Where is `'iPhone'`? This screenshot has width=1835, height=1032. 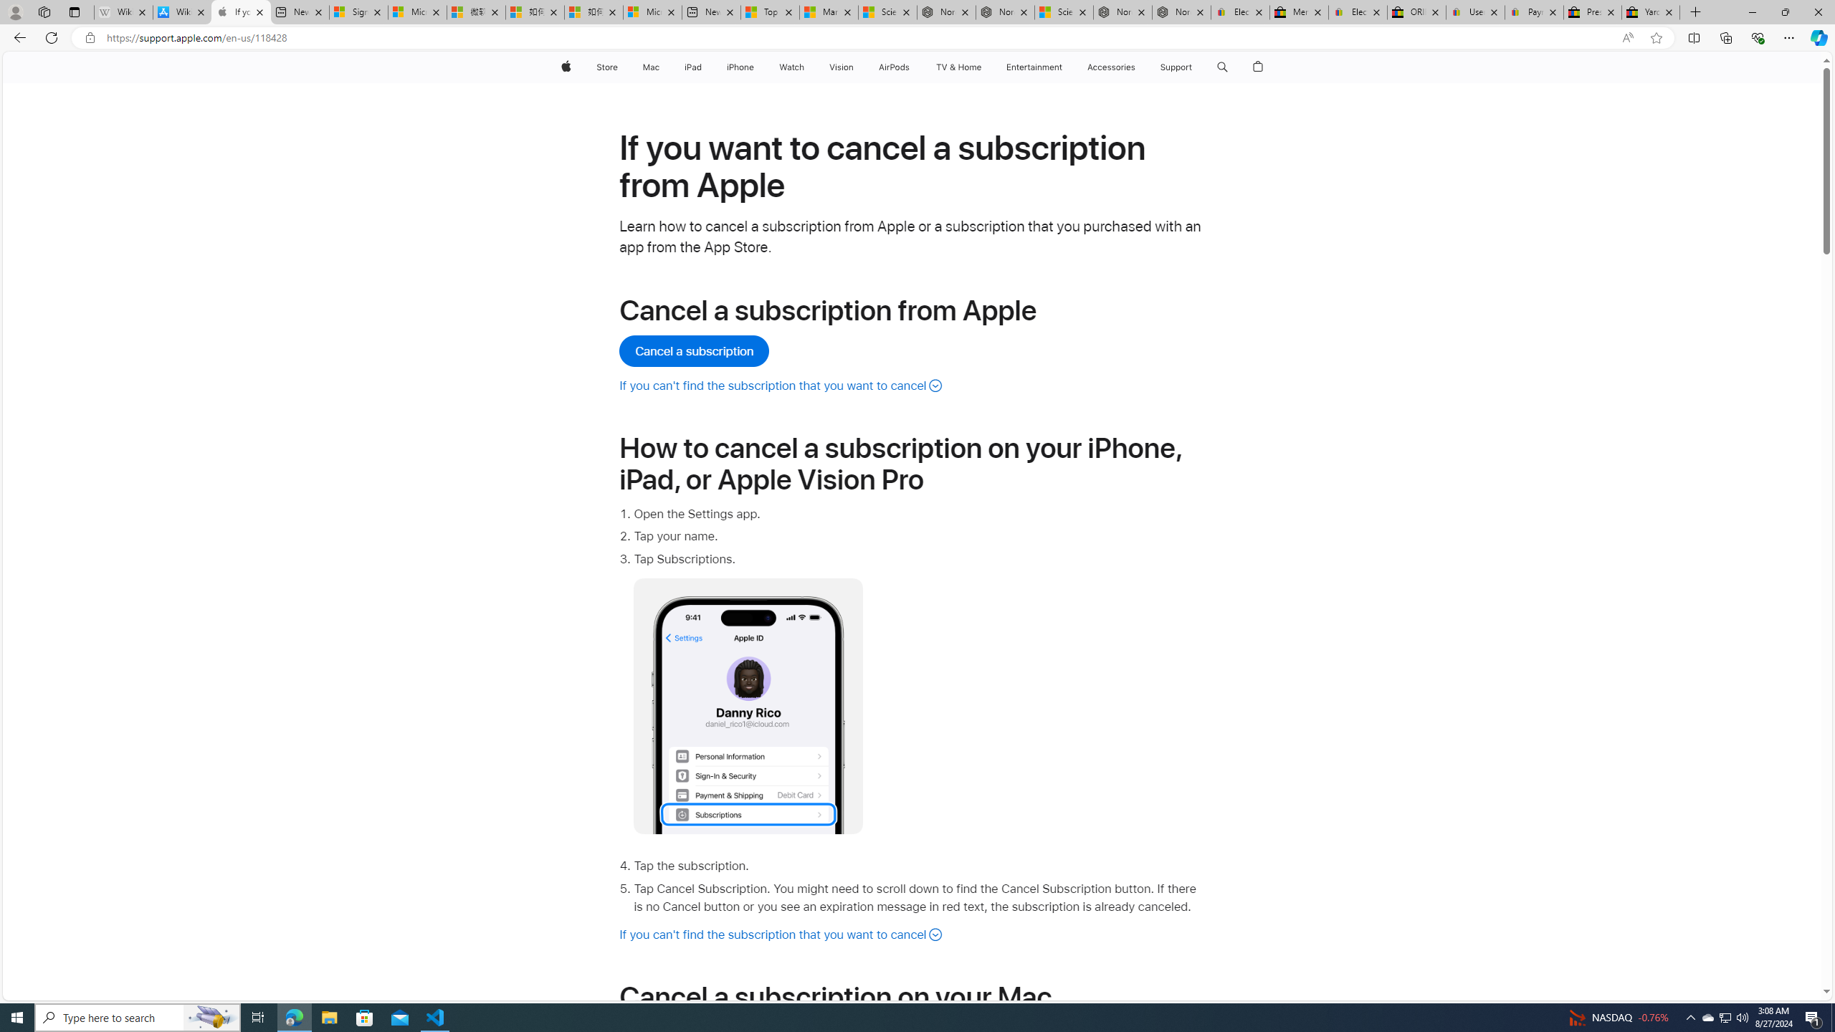
'iPhone' is located at coordinates (739, 67).